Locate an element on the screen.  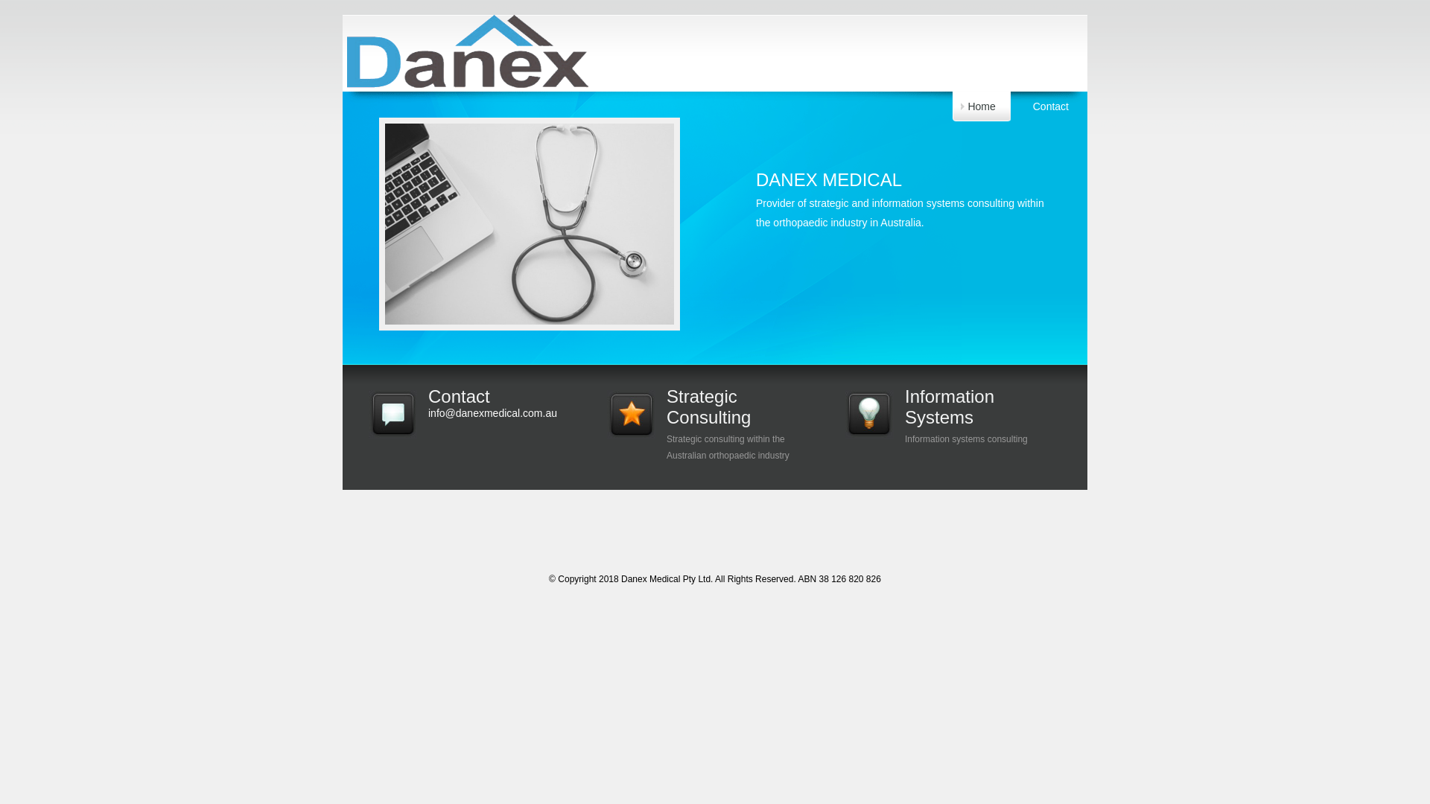
'Home' is located at coordinates (981, 105).